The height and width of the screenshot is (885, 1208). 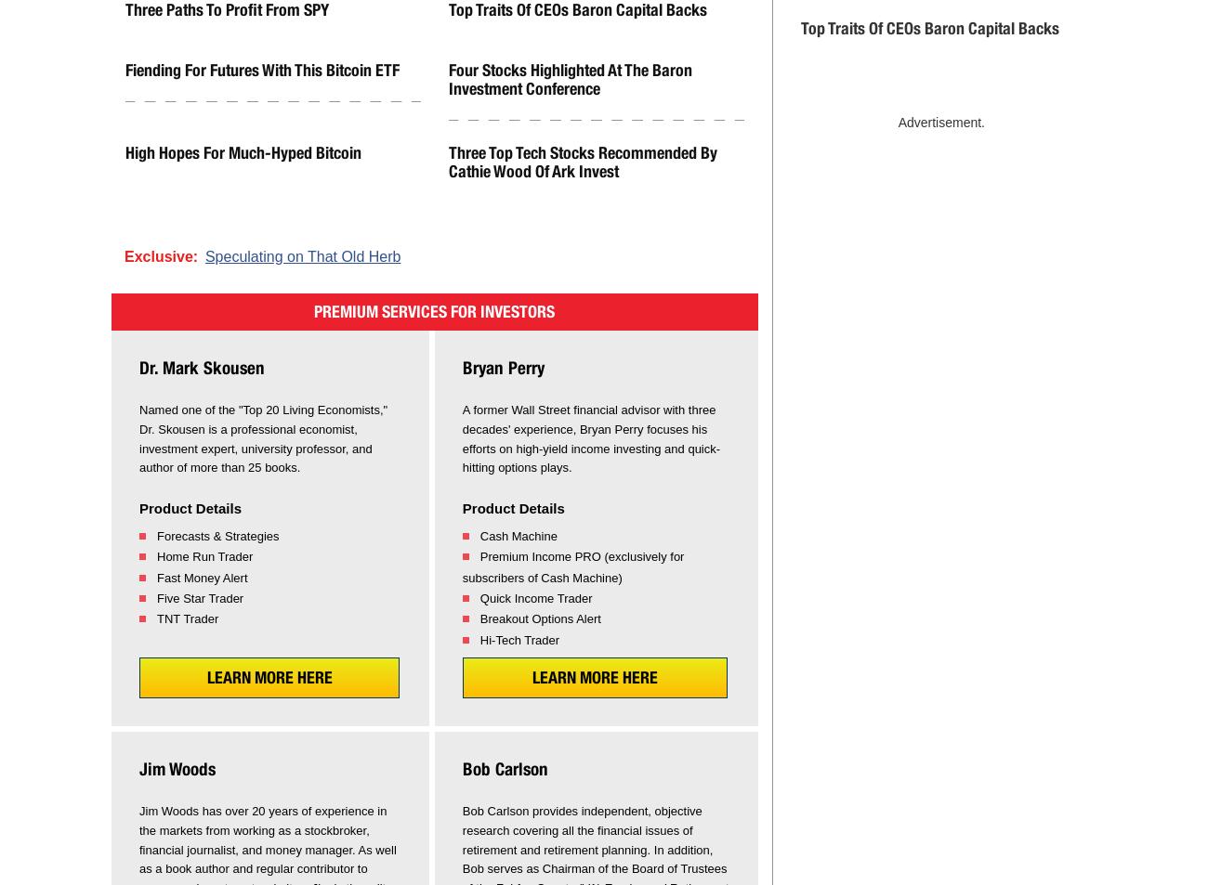 I want to click on 'Named one of the "Top 20 Living Economists," Dr. Skousen is a professional economist, investment expert, university professor, and author of more than 25 books.', so click(x=138, y=437).